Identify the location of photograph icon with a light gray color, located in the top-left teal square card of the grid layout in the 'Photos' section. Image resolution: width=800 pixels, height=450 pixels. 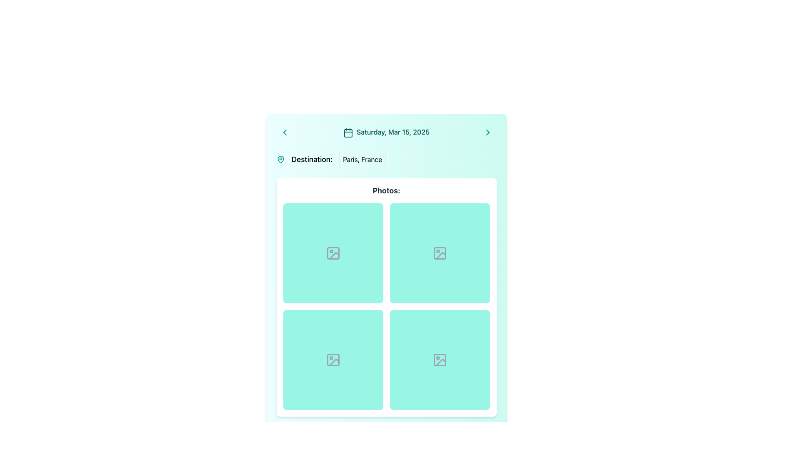
(332, 253).